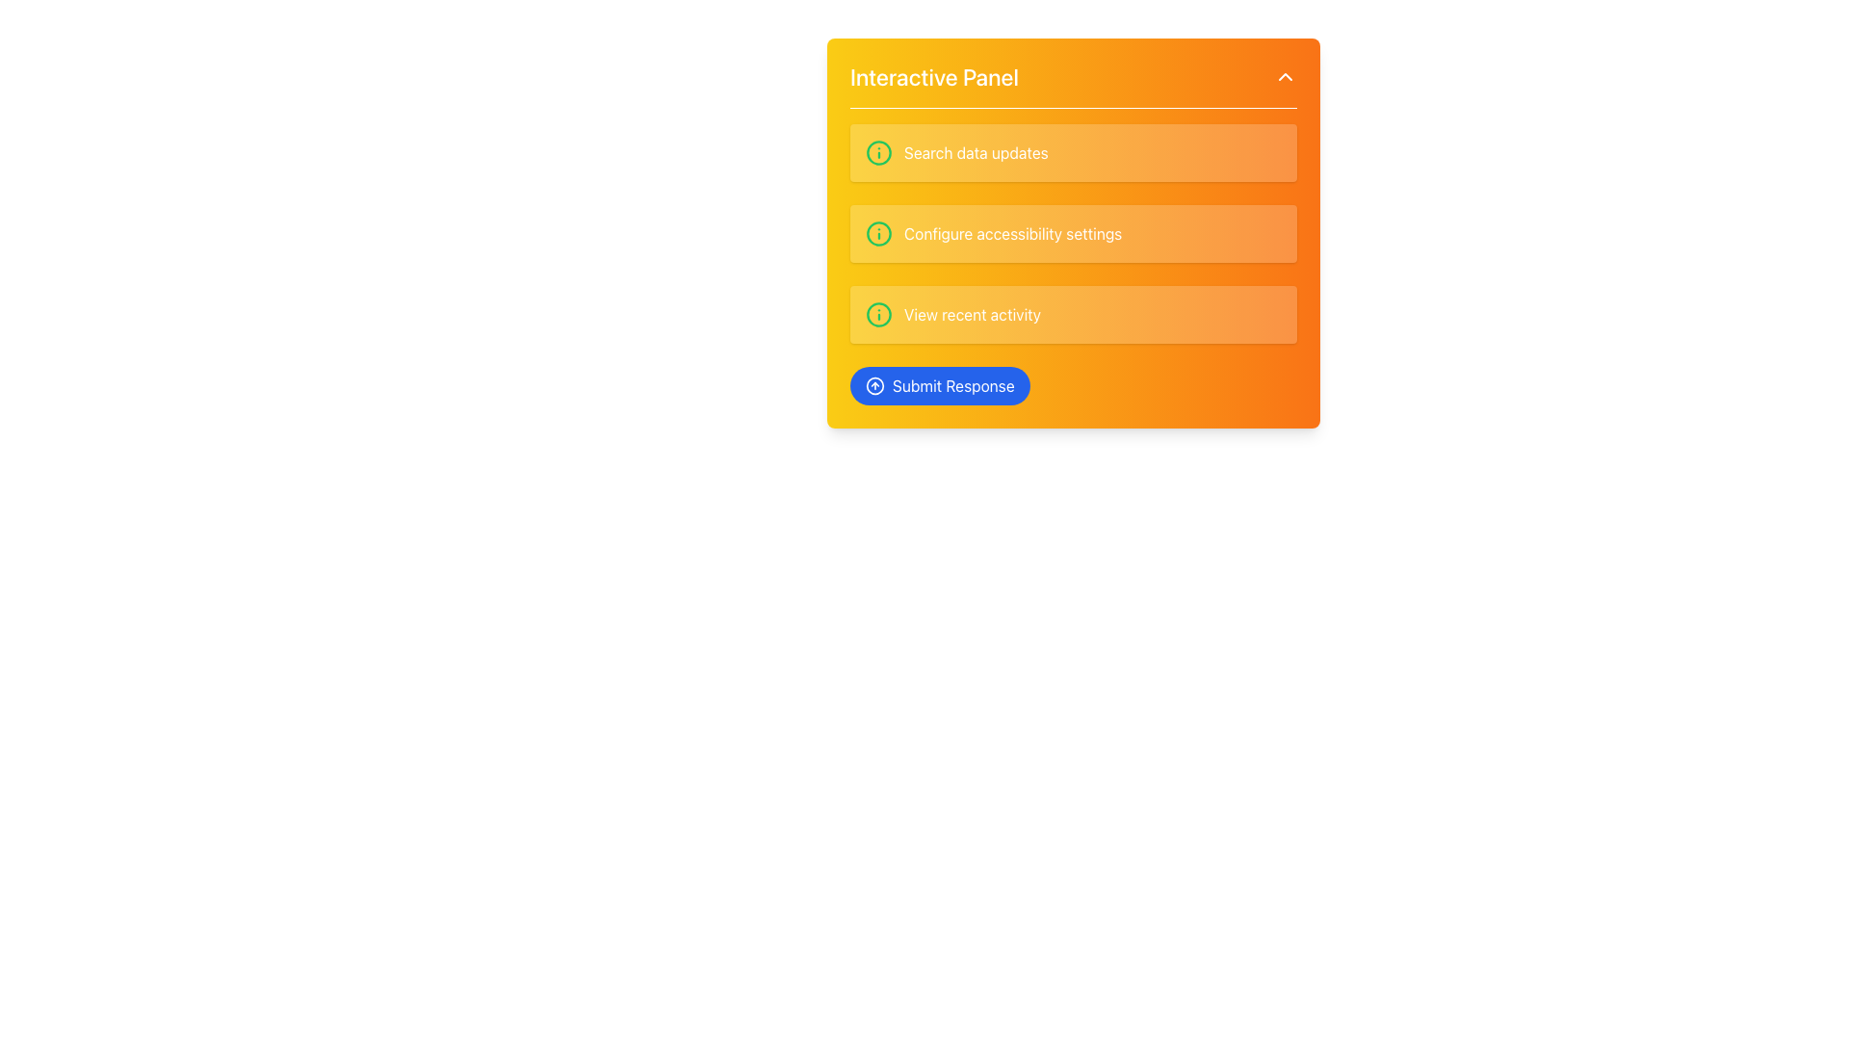  I want to click on the final submission button located in the orange-themed 'Interactive Panel', so click(940, 386).